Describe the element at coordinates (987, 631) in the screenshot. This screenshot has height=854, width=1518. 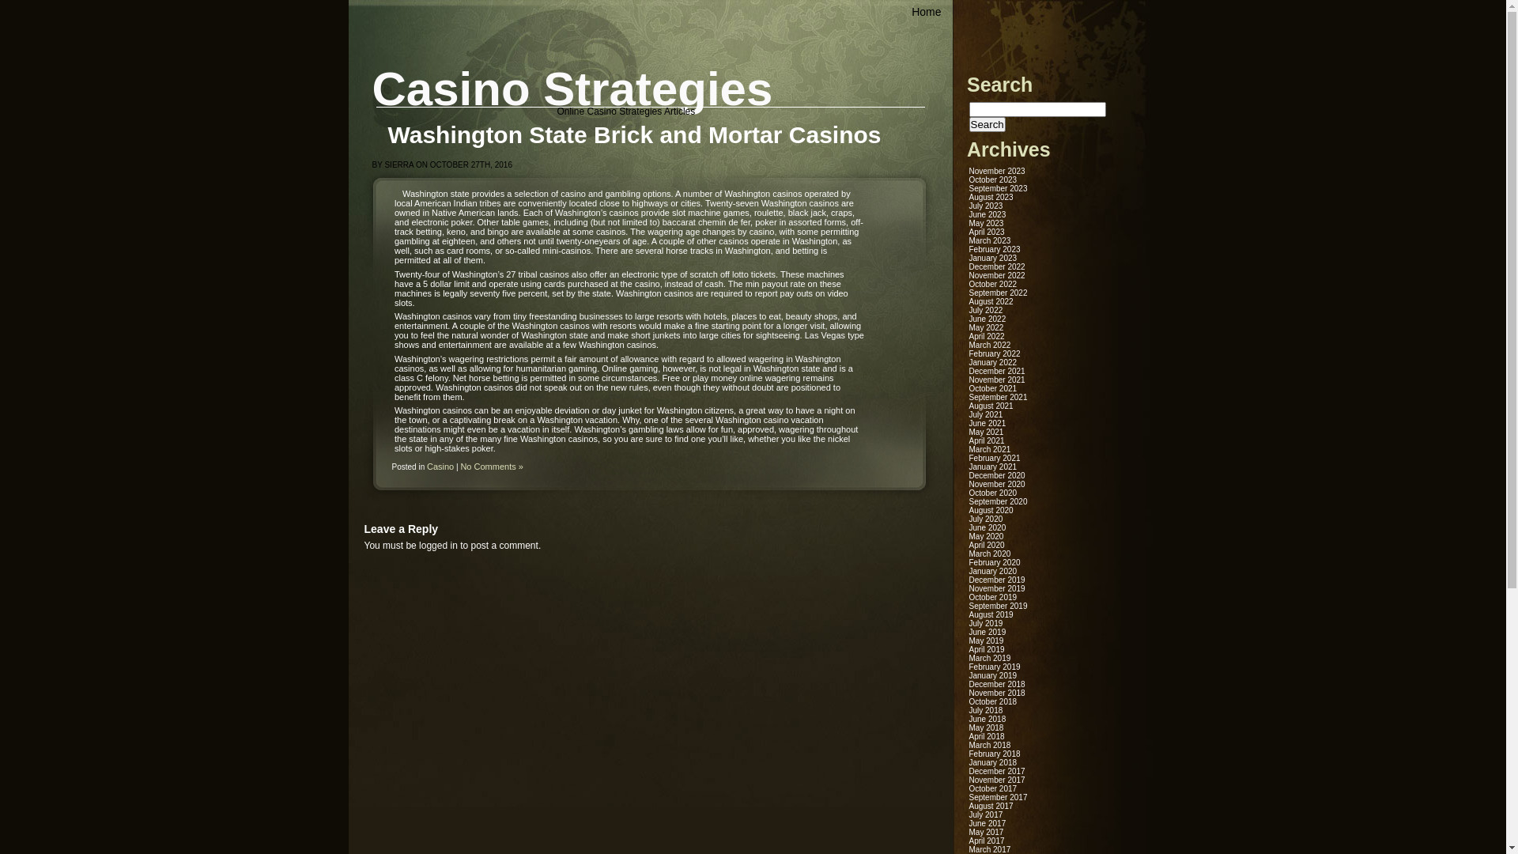
I see `'June 2019'` at that location.